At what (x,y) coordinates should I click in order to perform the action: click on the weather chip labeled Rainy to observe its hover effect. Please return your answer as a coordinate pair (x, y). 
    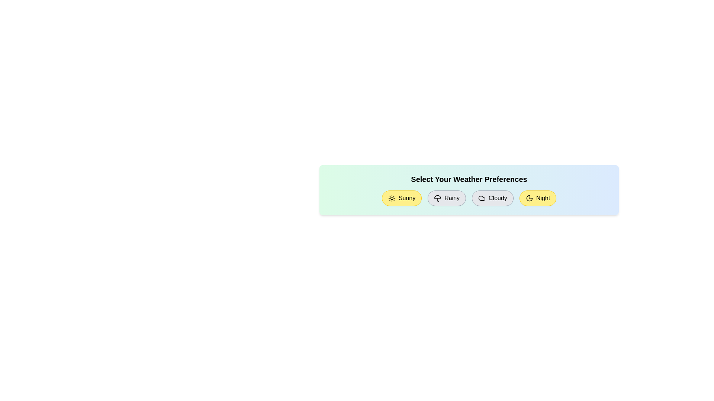
    Looking at the image, I should click on (446, 198).